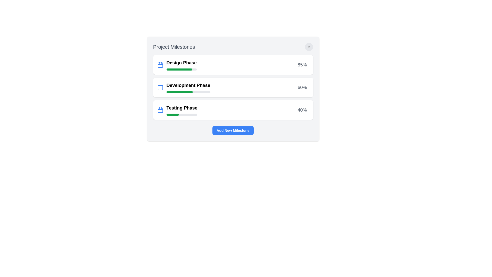 This screenshot has height=277, width=492. Describe the element at coordinates (179, 92) in the screenshot. I see `the horizontal green progress bar located within the gray track in the 'Development Phase' milestone card` at that location.